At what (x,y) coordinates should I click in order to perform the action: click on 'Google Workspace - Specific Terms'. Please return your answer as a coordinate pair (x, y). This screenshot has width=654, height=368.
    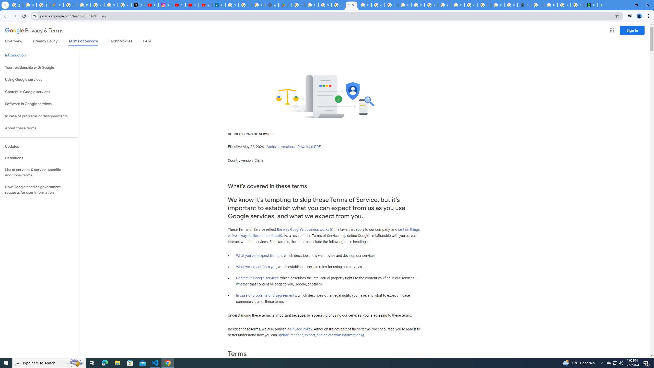
    Looking at the image, I should click on (311, 5).